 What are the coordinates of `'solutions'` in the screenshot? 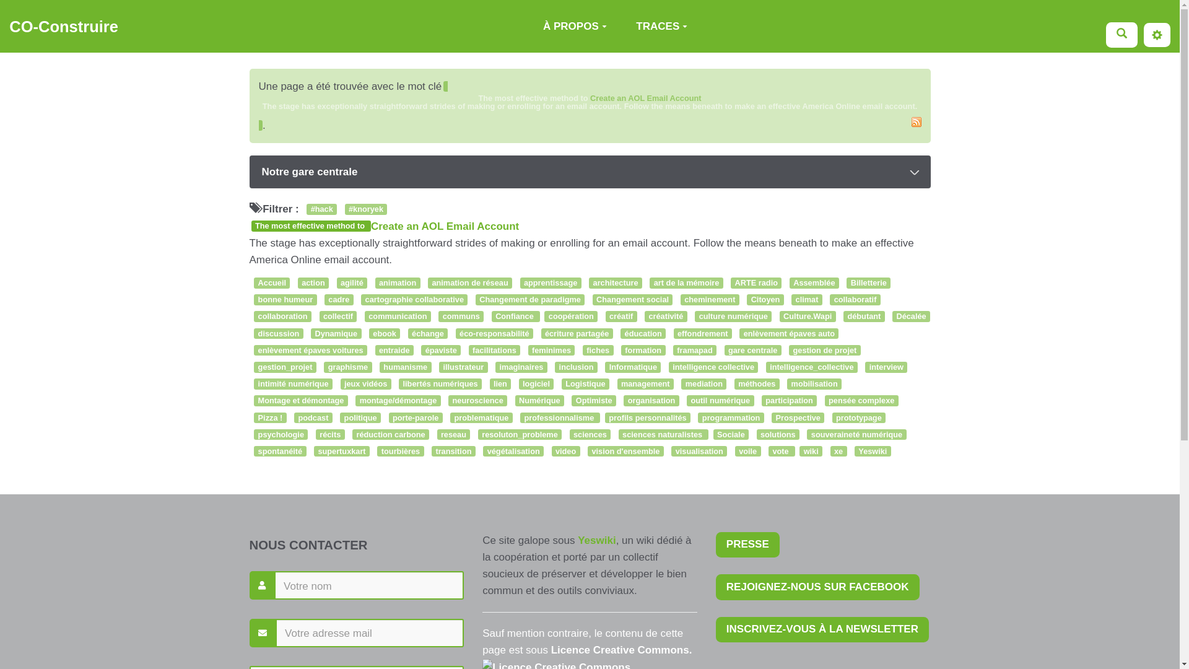 It's located at (756, 434).